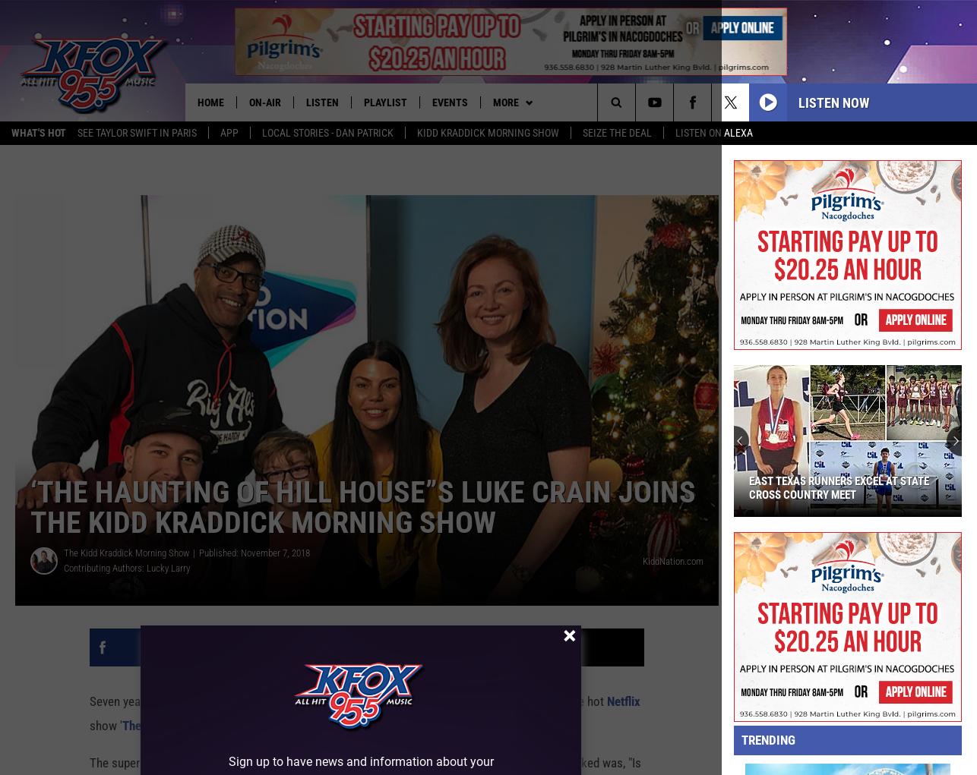 This screenshot has width=977, height=775. Describe the element at coordinates (321, 102) in the screenshot. I see `'Listen'` at that location.